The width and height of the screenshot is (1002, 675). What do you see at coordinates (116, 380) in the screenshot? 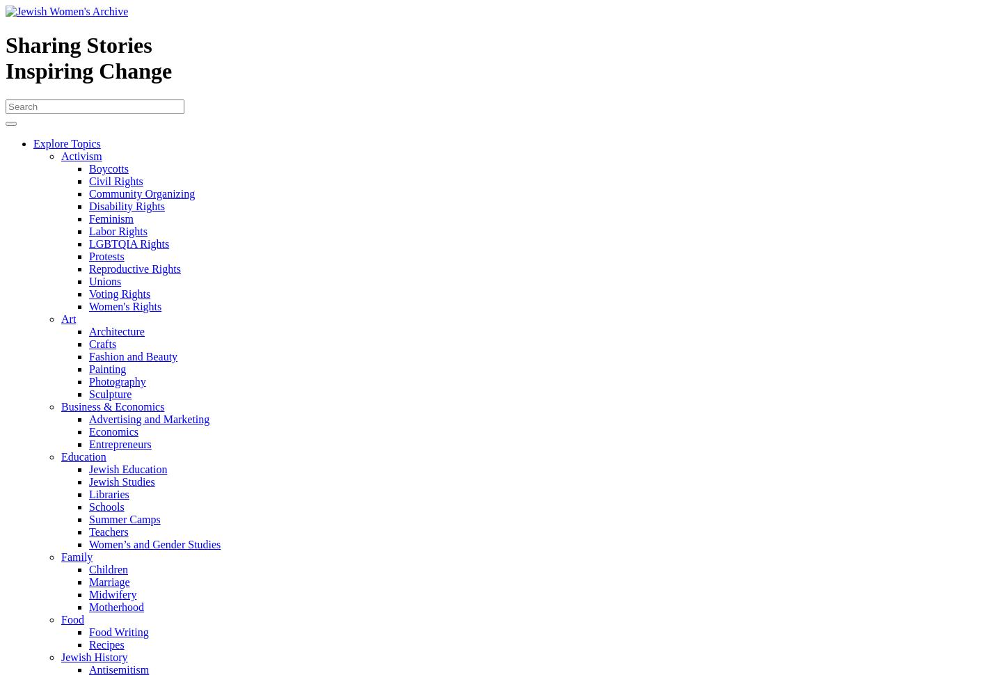
I see `'Photography'` at bounding box center [116, 380].